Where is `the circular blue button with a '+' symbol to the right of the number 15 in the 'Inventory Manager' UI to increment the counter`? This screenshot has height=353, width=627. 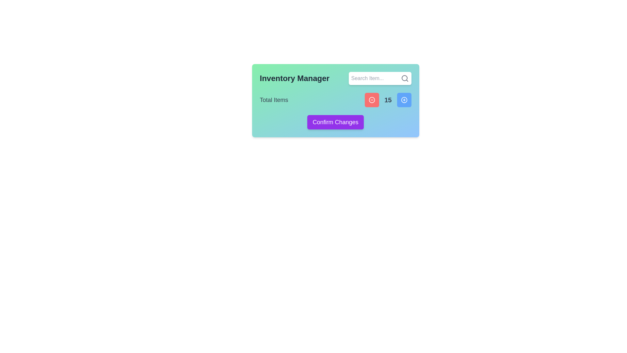 the circular blue button with a '+' symbol to the right of the number 15 in the 'Inventory Manager' UI to increment the counter is located at coordinates (404, 100).